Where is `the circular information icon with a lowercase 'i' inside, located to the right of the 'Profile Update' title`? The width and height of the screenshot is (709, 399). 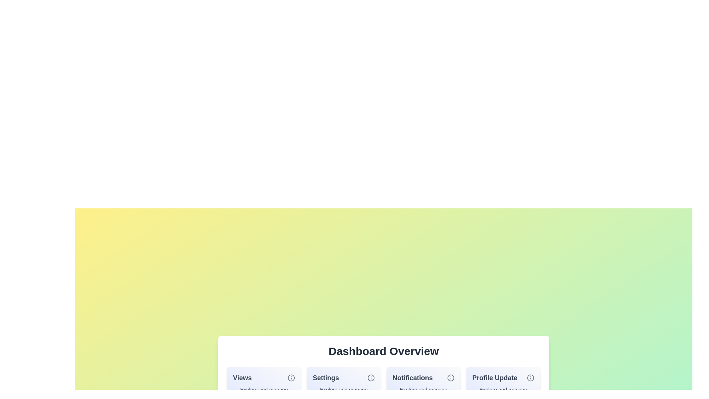 the circular information icon with a lowercase 'i' inside, located to the right of the 'Profile Update' title is located at coordinates (530, 378).